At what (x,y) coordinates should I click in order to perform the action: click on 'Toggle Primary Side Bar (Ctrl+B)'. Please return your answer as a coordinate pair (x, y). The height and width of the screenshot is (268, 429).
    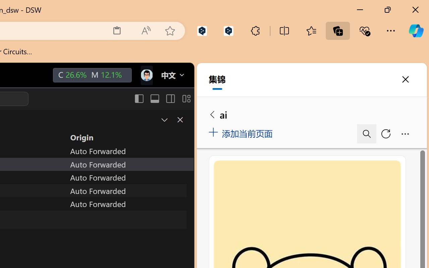
    Looking at the image, I should click on (138, 98).